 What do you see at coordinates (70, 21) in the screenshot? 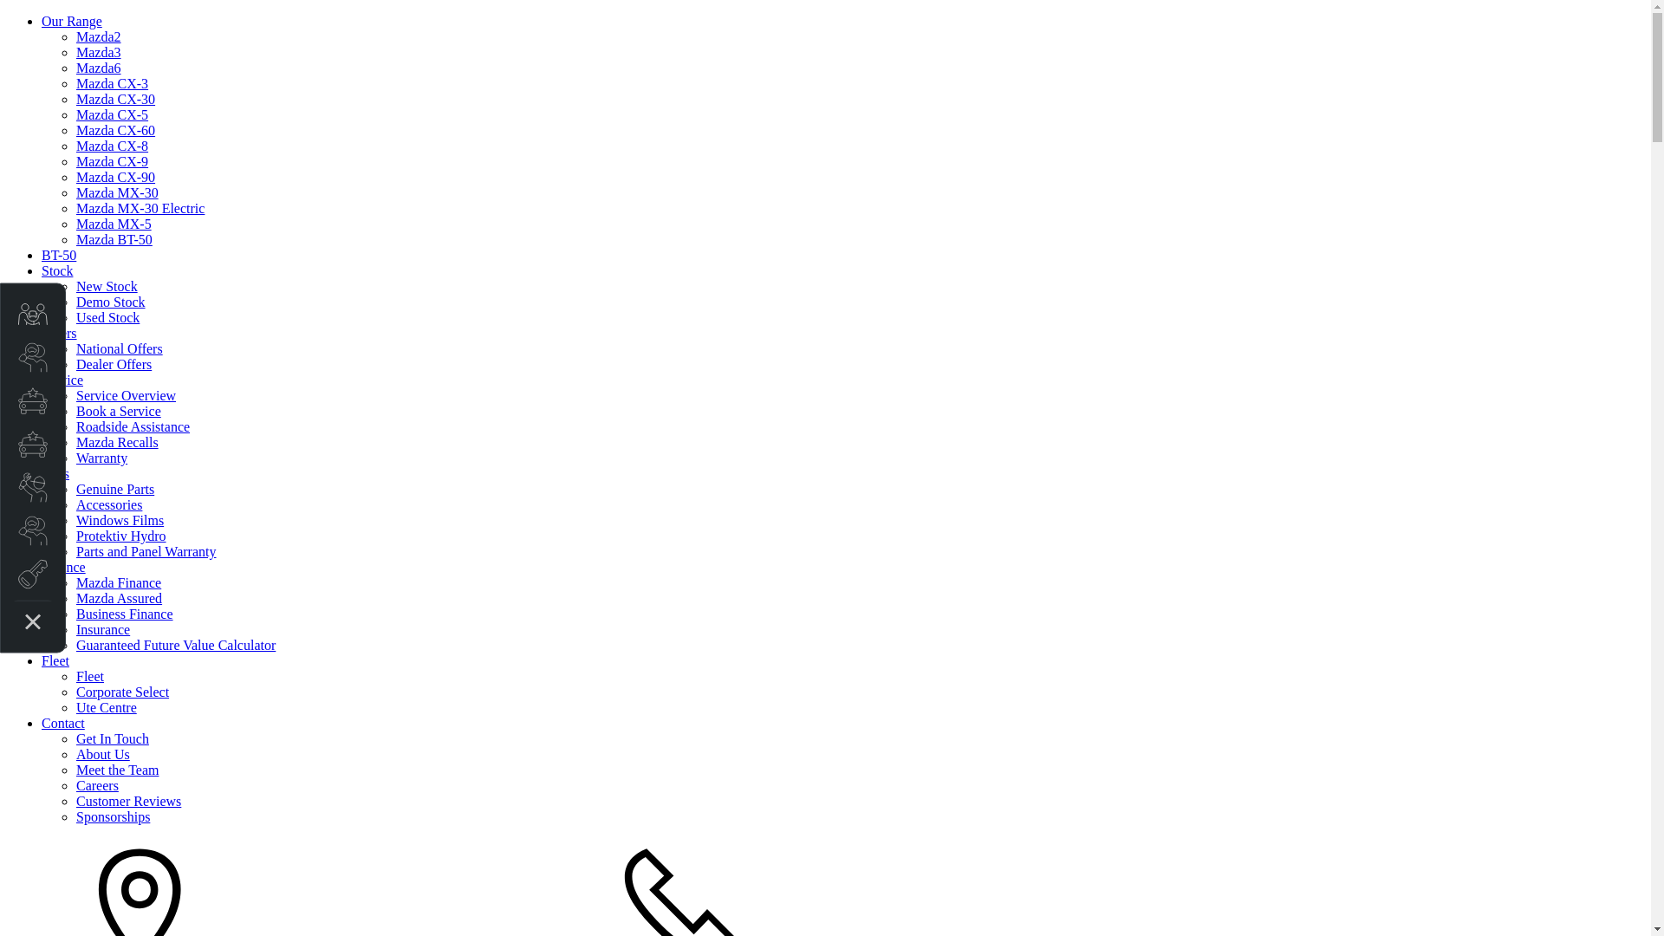
I see `'Our Range'` at bounding box center [70, 21].